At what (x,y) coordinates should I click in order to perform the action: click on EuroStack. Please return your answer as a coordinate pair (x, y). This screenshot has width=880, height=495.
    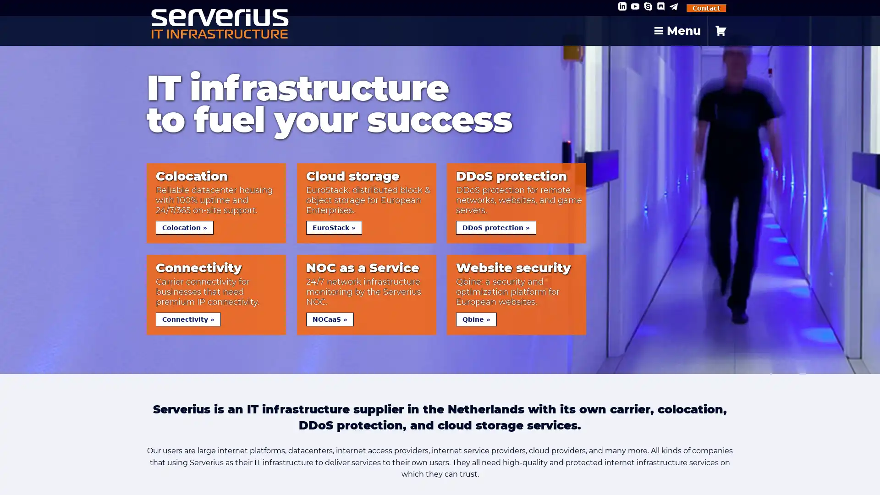
    Looking at the image, I should click on (333, 227).